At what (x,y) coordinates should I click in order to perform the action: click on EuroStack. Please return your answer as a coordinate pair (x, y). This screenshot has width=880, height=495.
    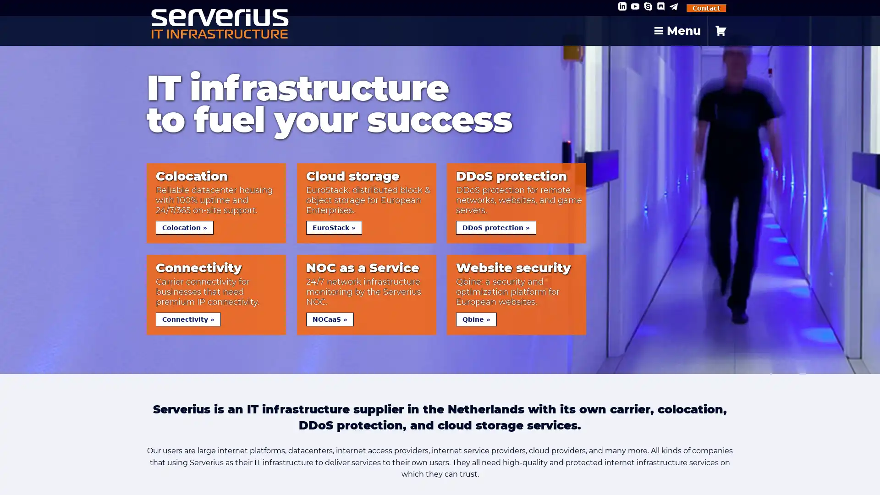
    Looking at the image, I should click on (333, 227).